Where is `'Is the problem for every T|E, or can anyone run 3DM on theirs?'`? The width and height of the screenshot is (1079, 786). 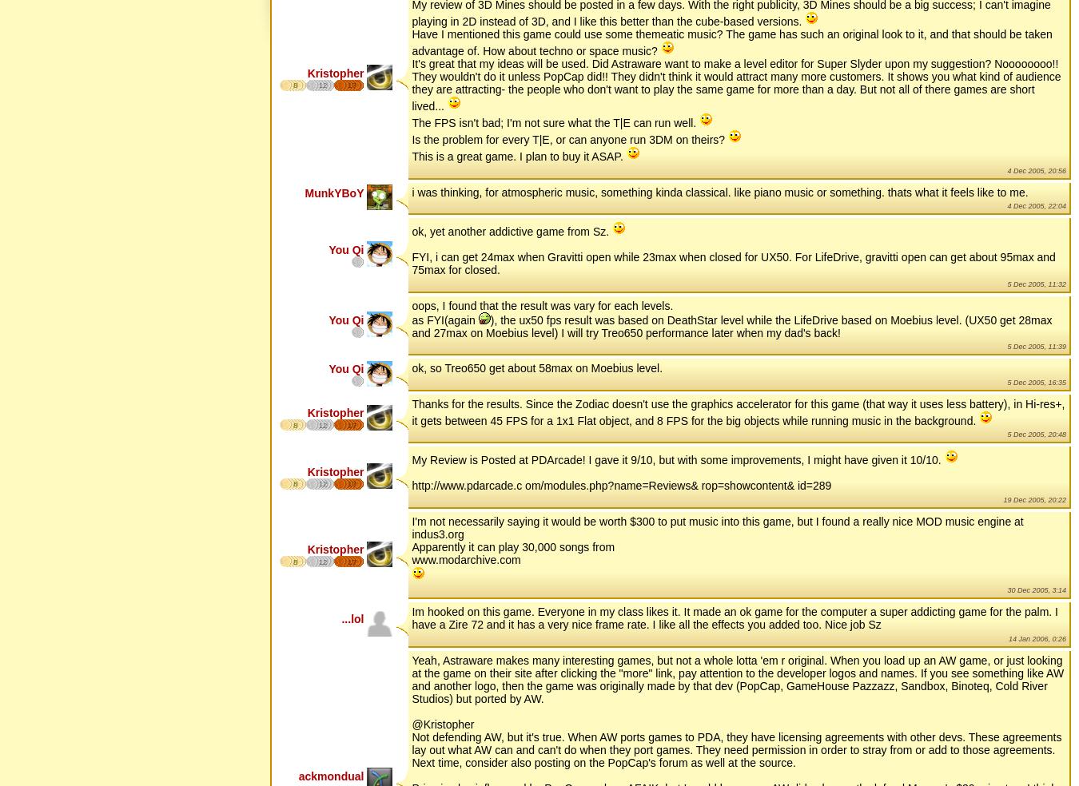
'Is the problem for every T|E, or can anyone run 3DM on theirs?' is located at coordinates (568, 139).